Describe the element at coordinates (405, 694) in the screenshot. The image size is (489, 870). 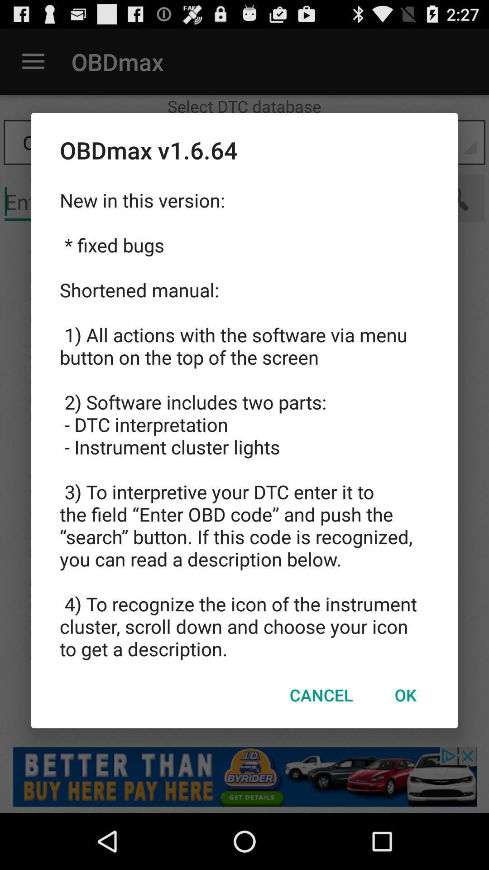
I see `the item below new in this icon` at that location.